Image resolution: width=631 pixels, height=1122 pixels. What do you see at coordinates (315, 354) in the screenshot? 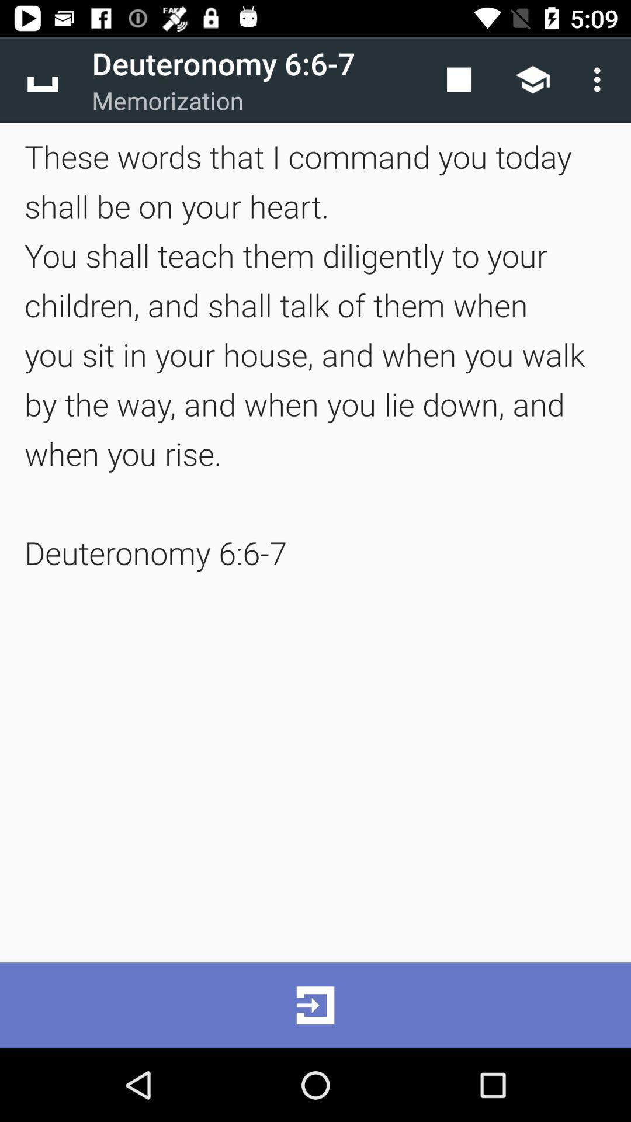
I see `these words that` at bounding box center [315, 354].